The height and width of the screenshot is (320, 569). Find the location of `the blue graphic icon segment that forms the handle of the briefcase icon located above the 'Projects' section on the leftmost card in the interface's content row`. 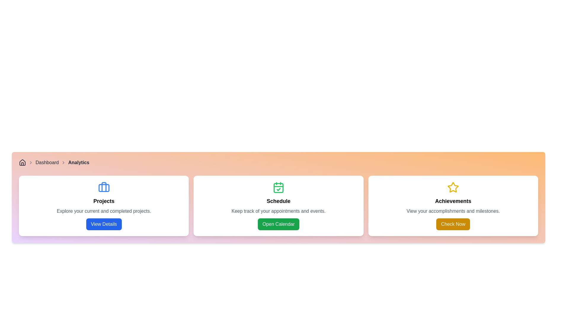

the blue graphic icon segment that forms the handle of the briefcase icon located above the 'Projects' section on the leftmost card in the interface's content row is located at coordinates (104, 187).